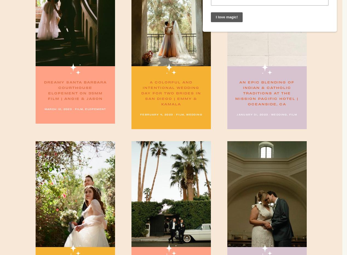 The height and width of the screenshot is (255, 347). Describe the element at coordinates (156, 114) in the screenshot. I see `'February 4, 2023'` at that location.